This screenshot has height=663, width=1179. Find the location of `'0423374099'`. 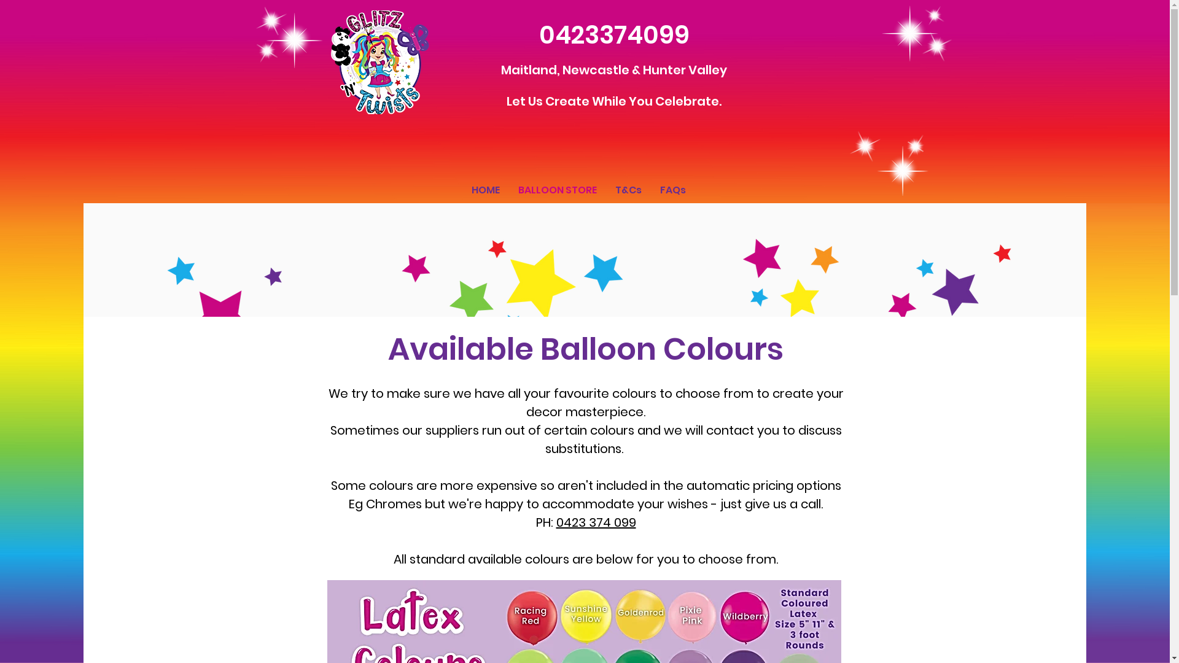

'0423374099' is located at coordinates (539, 34).